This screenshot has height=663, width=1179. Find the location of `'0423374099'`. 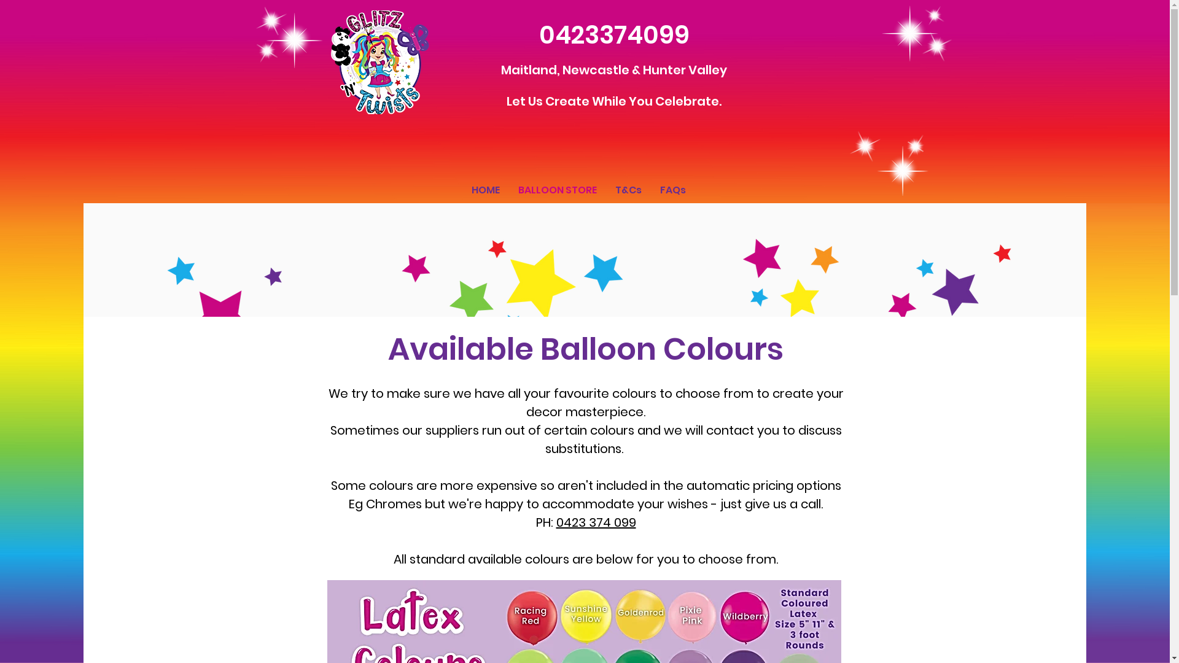

'0423374099' is located at coordinates (539, 34).